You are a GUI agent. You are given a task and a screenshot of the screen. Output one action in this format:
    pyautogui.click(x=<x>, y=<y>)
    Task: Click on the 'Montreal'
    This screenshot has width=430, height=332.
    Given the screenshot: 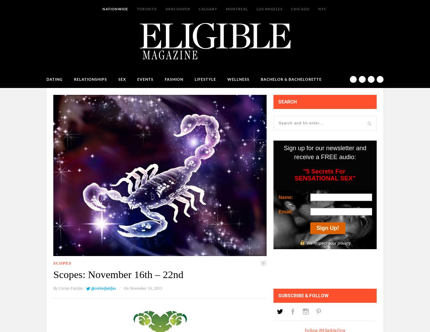 What is the action you would take?
    pyautogui.click(x=237, y=8)
    